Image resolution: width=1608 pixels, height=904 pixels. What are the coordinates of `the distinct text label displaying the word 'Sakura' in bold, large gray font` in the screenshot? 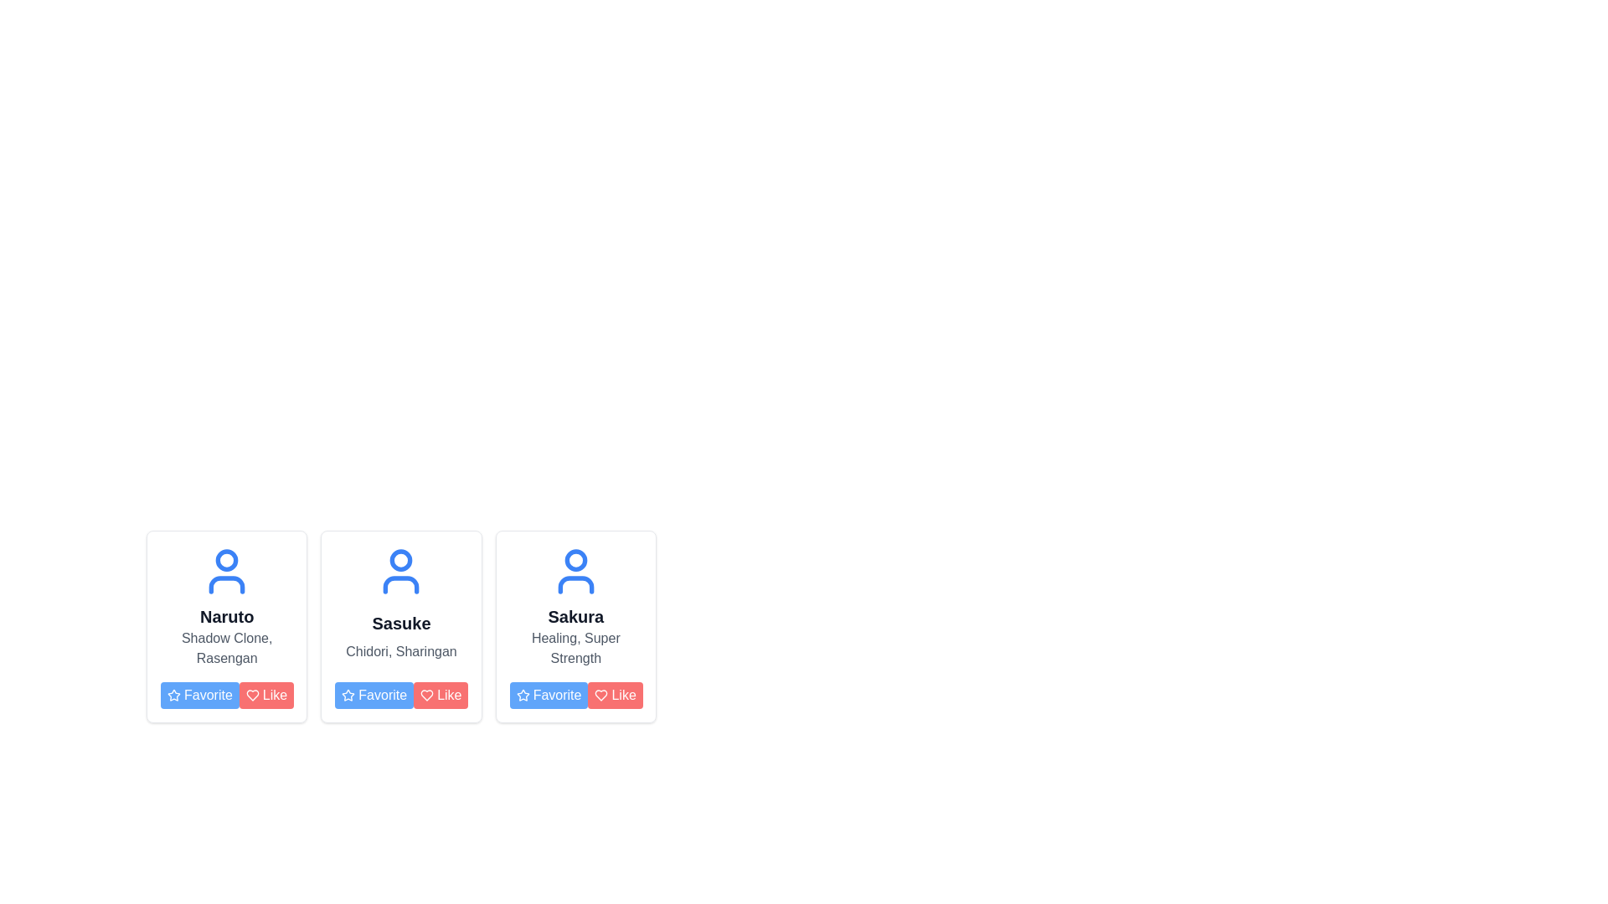 It's located at (575, 616).